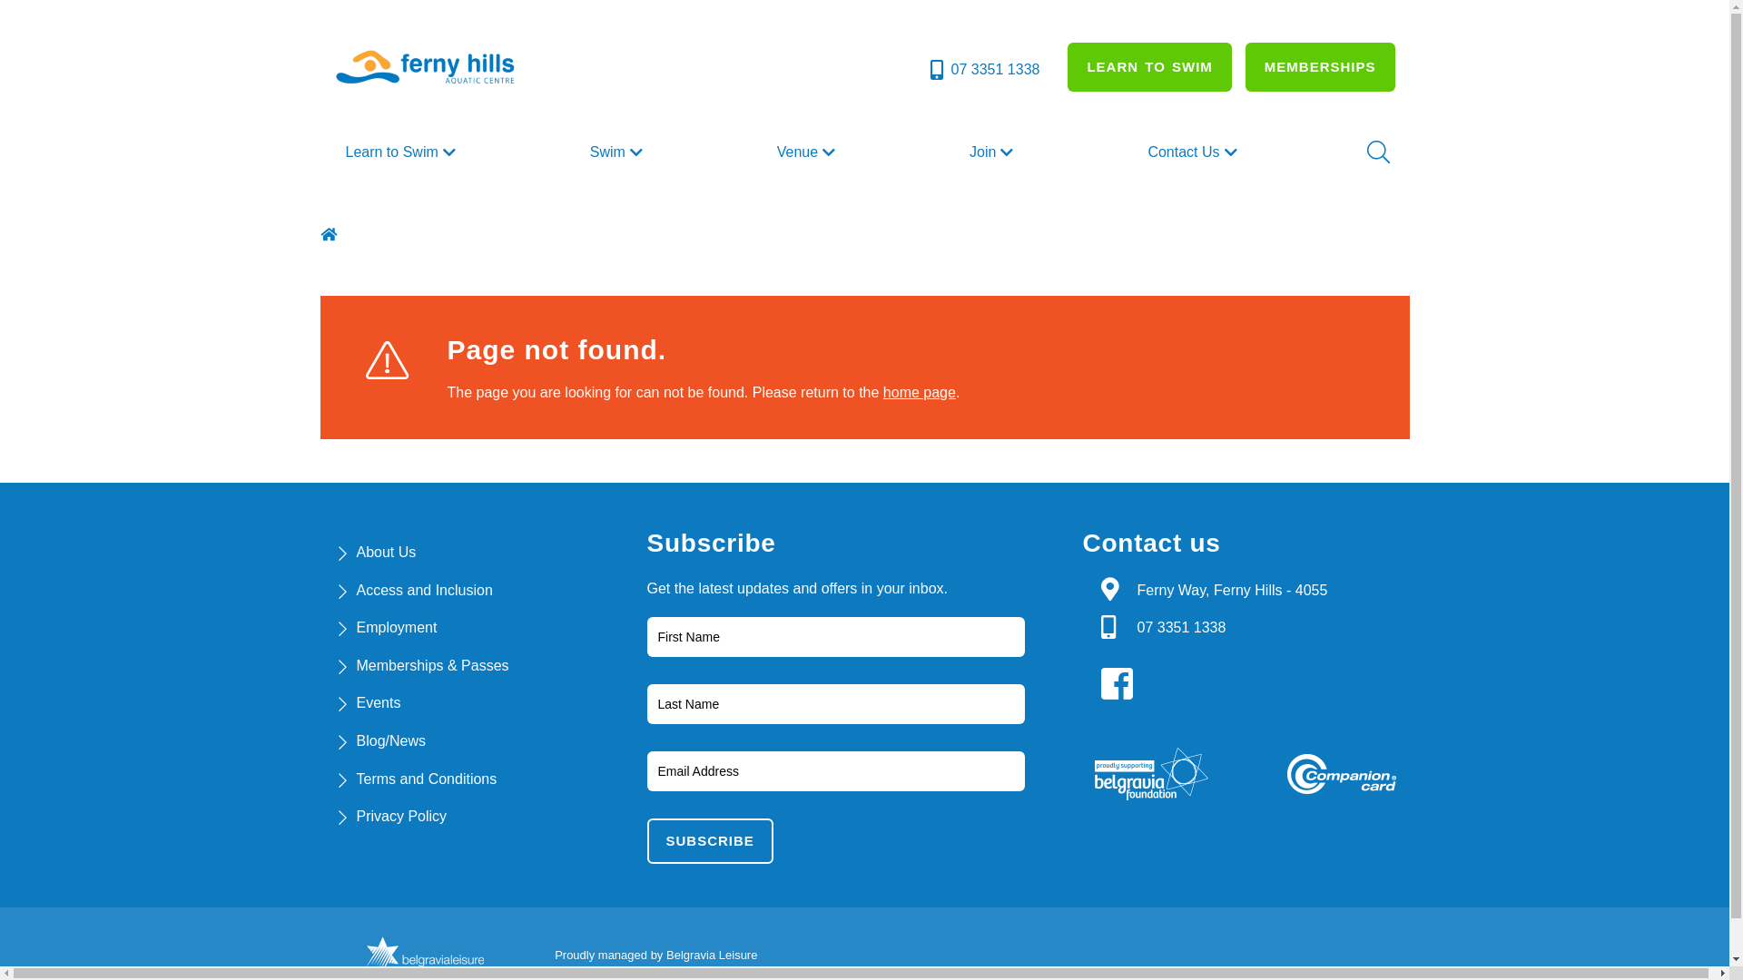 This screenshot has height=980, width=1743. I want to click on 'Memberships & Passes', so click(356, 665).